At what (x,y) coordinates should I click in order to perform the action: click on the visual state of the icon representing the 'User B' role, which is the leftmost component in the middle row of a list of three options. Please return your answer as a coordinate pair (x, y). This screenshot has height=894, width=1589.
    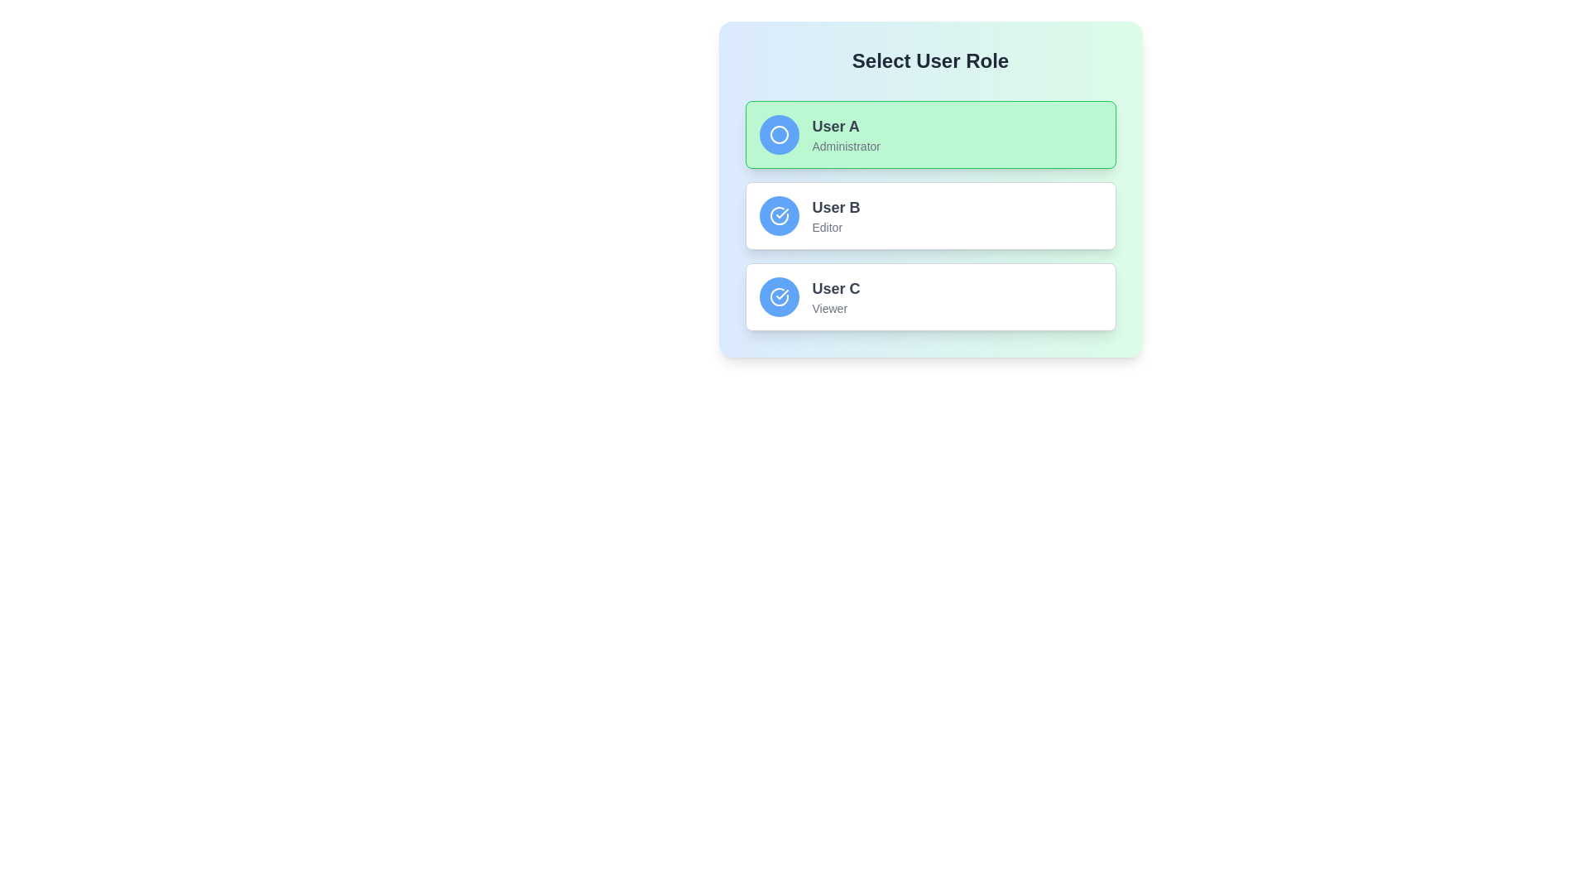
    Looking at the image, I should click on (778, 215).